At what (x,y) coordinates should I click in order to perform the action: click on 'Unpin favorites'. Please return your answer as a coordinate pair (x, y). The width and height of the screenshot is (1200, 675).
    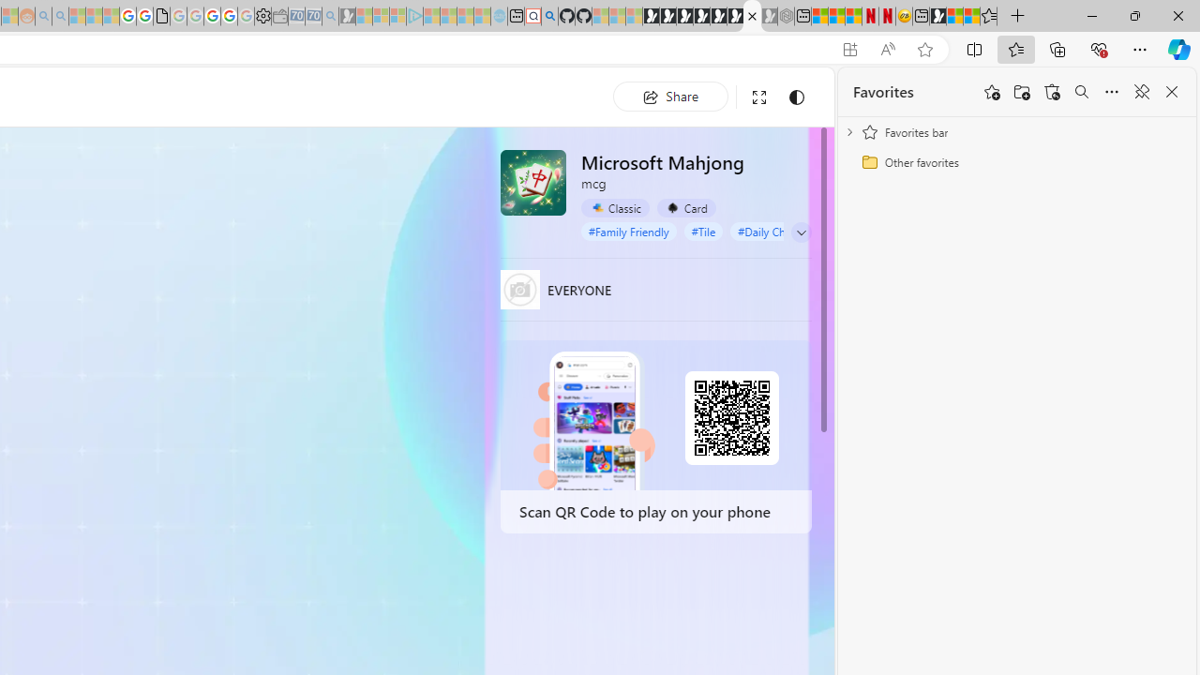
    Looking at the image, I should click on (1140, 92).